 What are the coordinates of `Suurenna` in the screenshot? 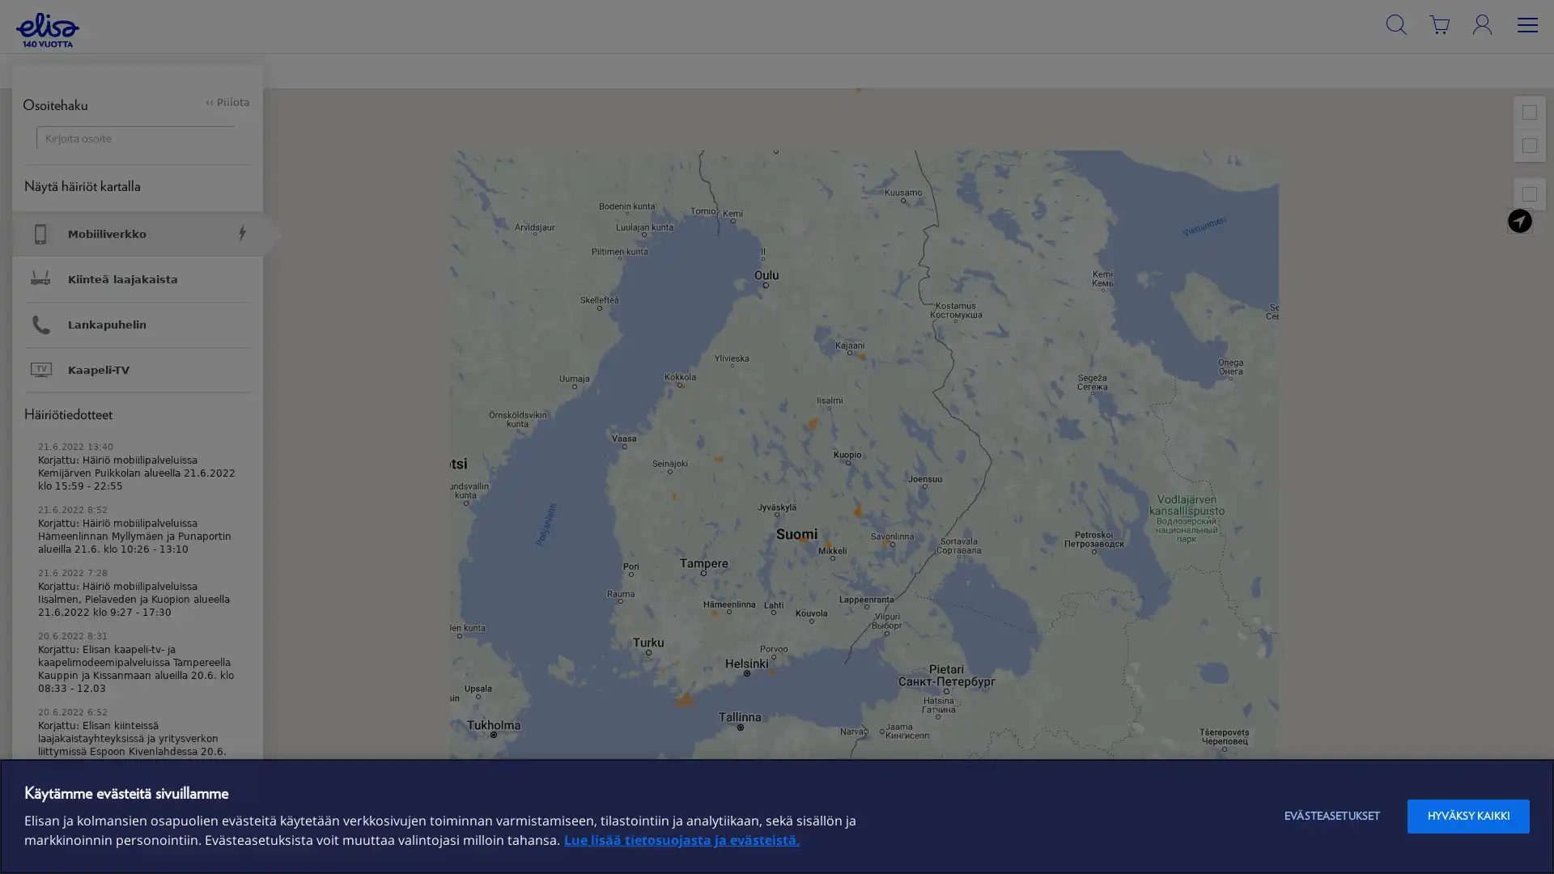 It's located at (1529, 111).